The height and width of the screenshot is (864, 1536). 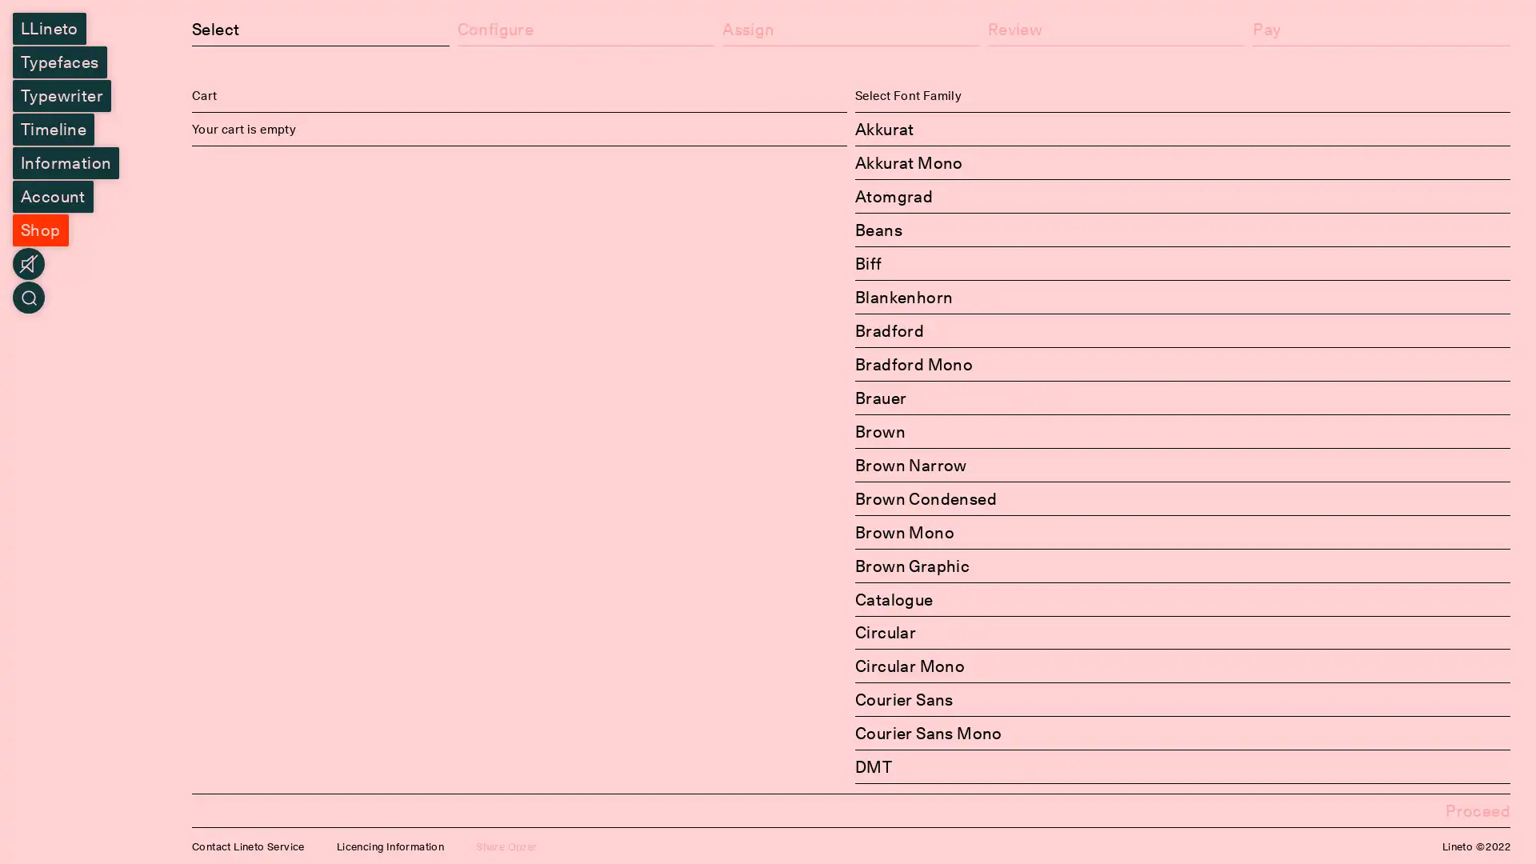 What do you see at coordinates (1380, 30) in the screenshot?
I see `Pay` at bounding box center [1380, 30].